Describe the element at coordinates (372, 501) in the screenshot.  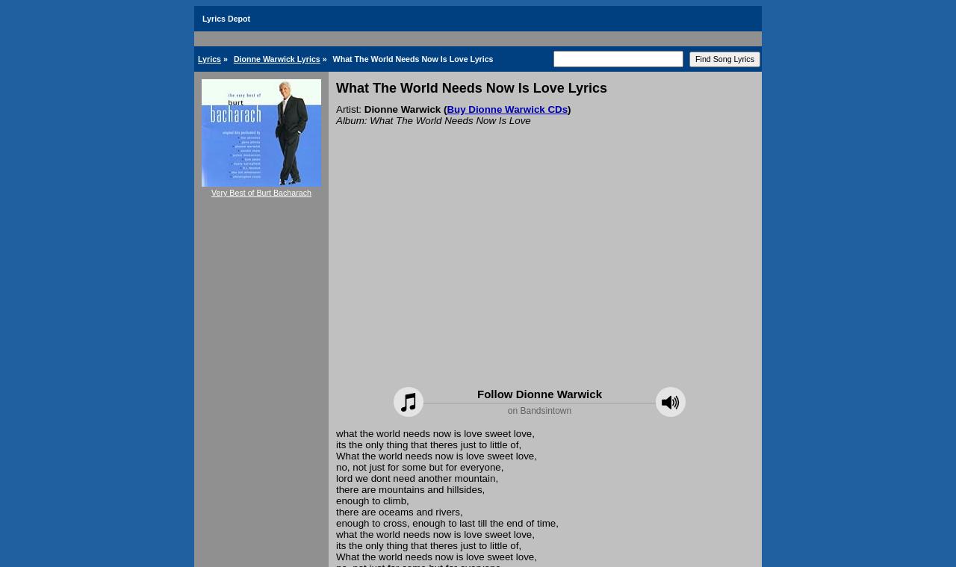
I see `'enough to climb,'` at that location.